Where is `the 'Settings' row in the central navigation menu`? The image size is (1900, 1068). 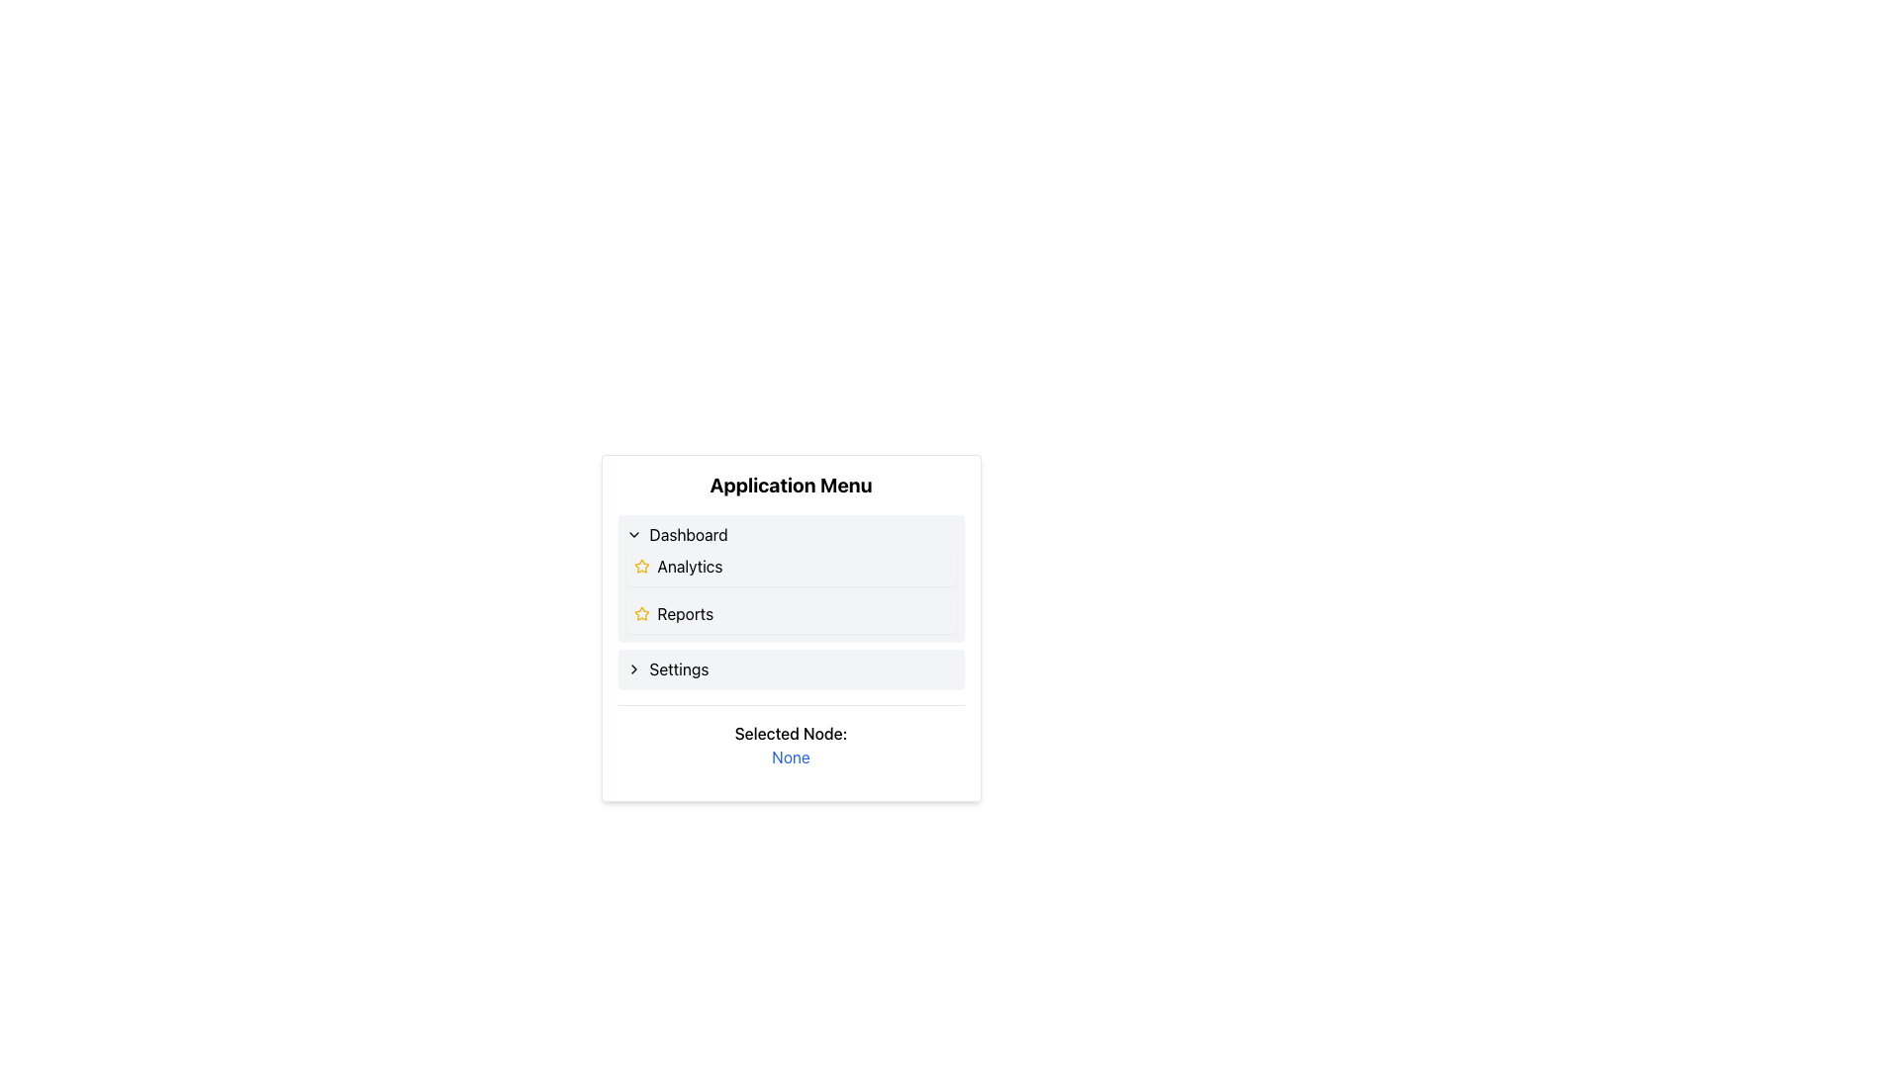
the 'Settings' row in the central navigation menu is located at coordinates (790, 662).